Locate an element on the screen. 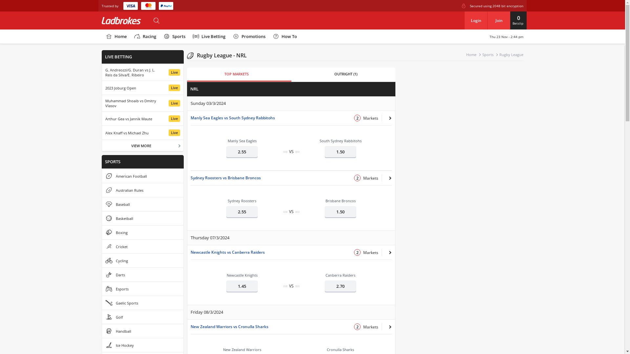 The width and height of the screenshot is (630, 354). '2023 Joburg Open is located at coordinates (142, 87).